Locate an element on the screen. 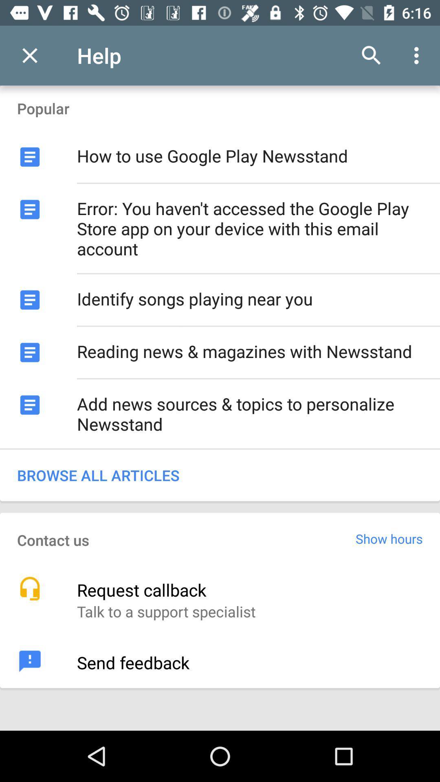  the browse all articles item is located at coordinates (220, 475).